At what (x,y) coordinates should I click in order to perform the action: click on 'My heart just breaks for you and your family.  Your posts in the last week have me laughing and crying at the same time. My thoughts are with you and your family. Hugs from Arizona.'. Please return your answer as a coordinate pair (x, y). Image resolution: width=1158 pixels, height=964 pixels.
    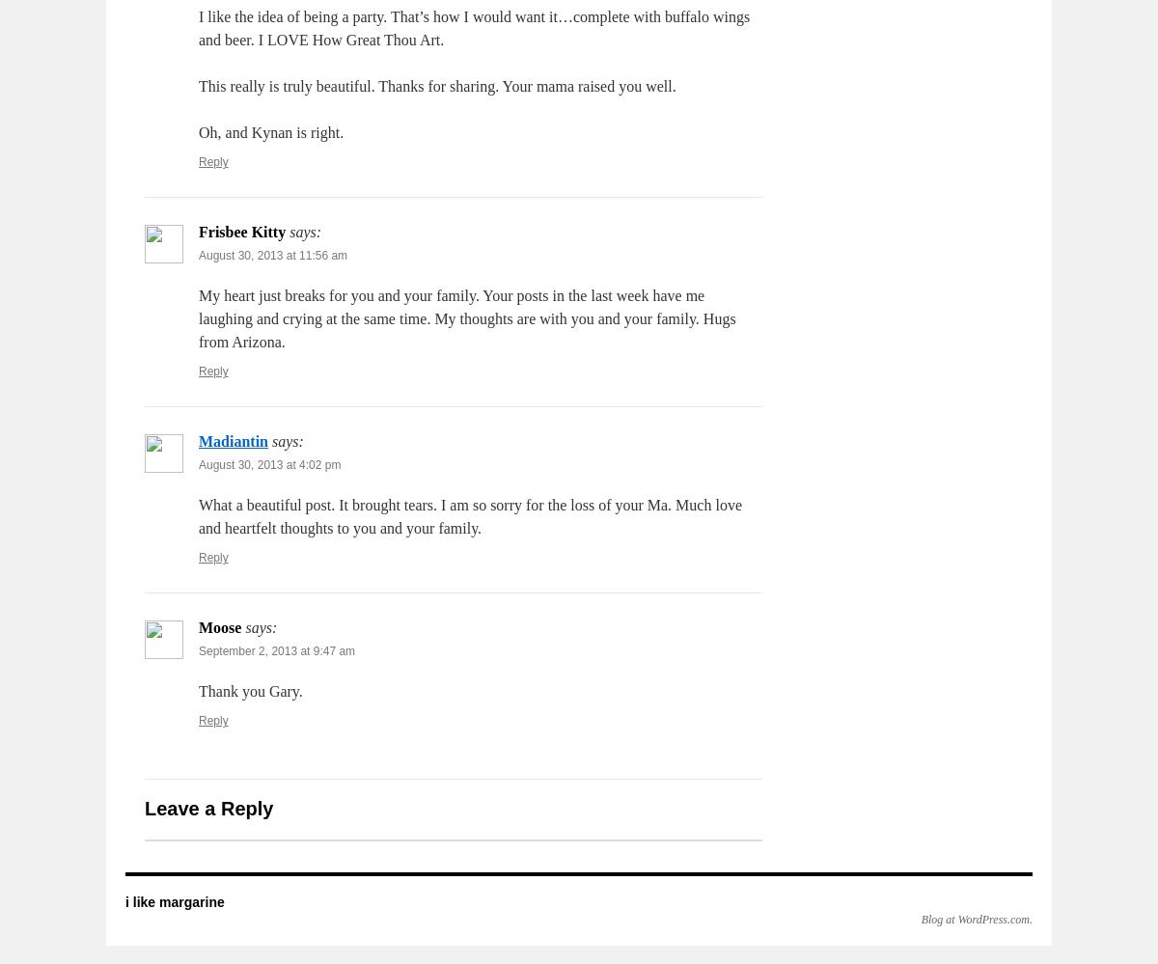
    Looking at the image, I should click on (465, 317).